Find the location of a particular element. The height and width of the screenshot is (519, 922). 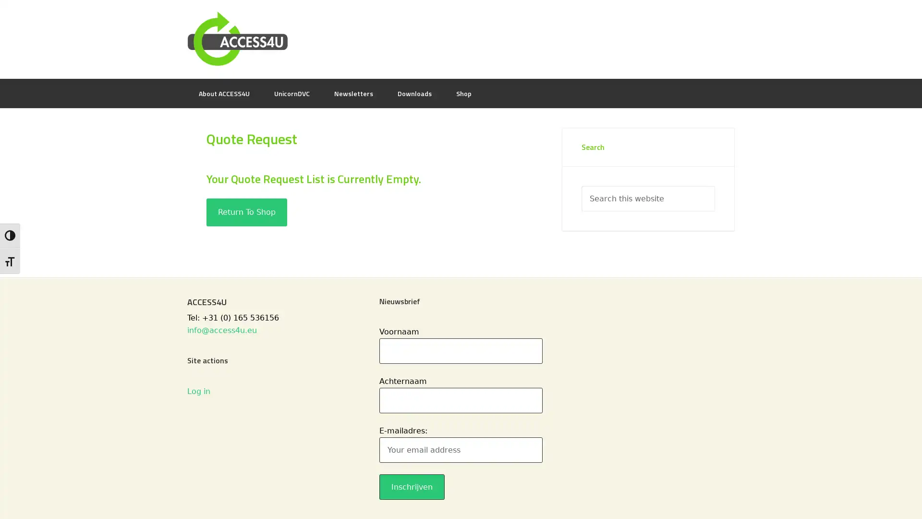

Inschrijven is located at coordinates (412, 486).